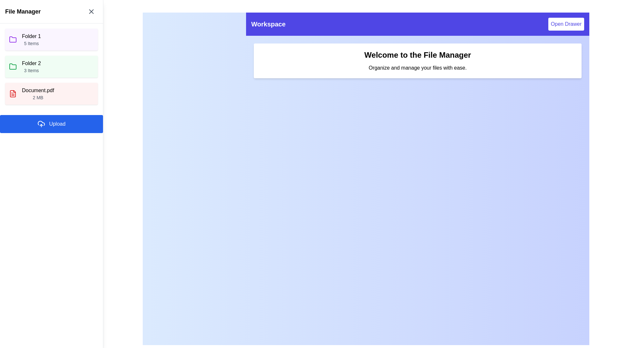 The width and height of the screenshot is (620, 348). What do you see at coordinates (37, 93) in the screenshot?
I see `the file list item named 'Document.pdf' in the File Manager section` at bounding box center [37, 93].